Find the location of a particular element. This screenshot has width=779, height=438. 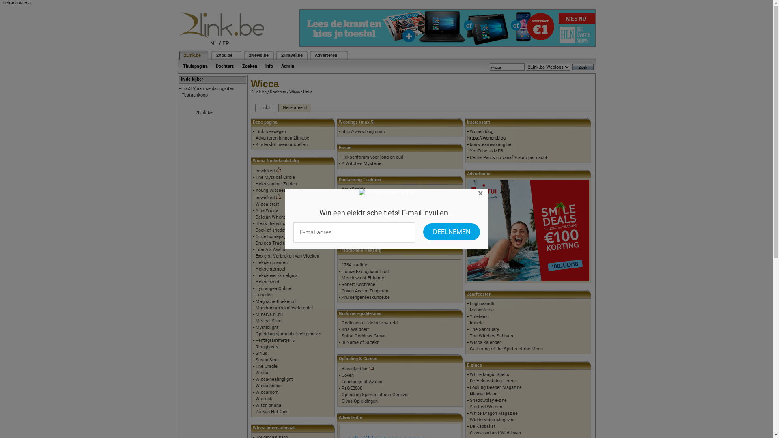

'Ringghosts' is located at coordinates (267, 347).